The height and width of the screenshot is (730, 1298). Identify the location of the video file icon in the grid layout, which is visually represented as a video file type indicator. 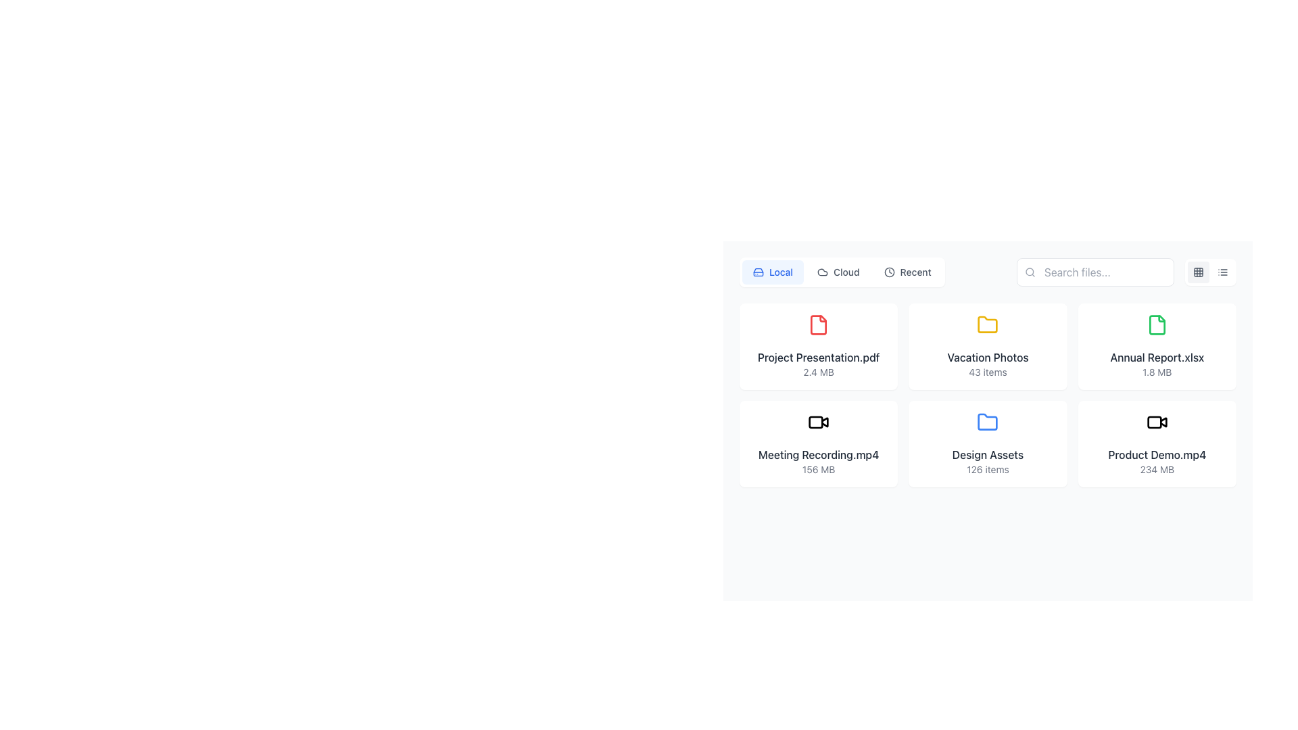
(818, 421).